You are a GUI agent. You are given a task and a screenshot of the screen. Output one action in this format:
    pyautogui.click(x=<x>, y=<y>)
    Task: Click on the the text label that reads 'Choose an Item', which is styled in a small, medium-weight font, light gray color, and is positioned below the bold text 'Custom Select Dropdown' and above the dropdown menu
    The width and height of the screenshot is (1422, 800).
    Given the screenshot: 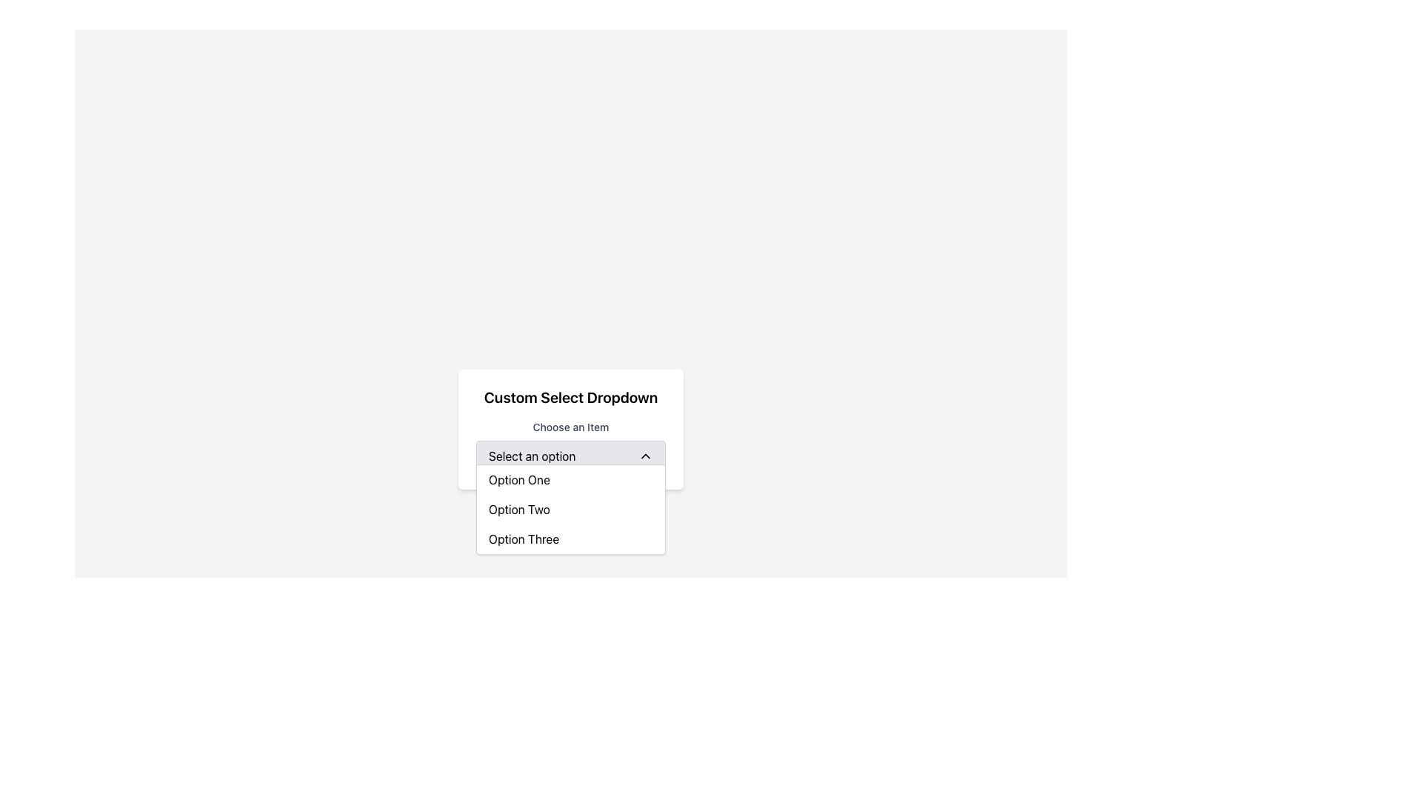 What is the action you would take?
    pyautogui.click(x=570, y=429)
    